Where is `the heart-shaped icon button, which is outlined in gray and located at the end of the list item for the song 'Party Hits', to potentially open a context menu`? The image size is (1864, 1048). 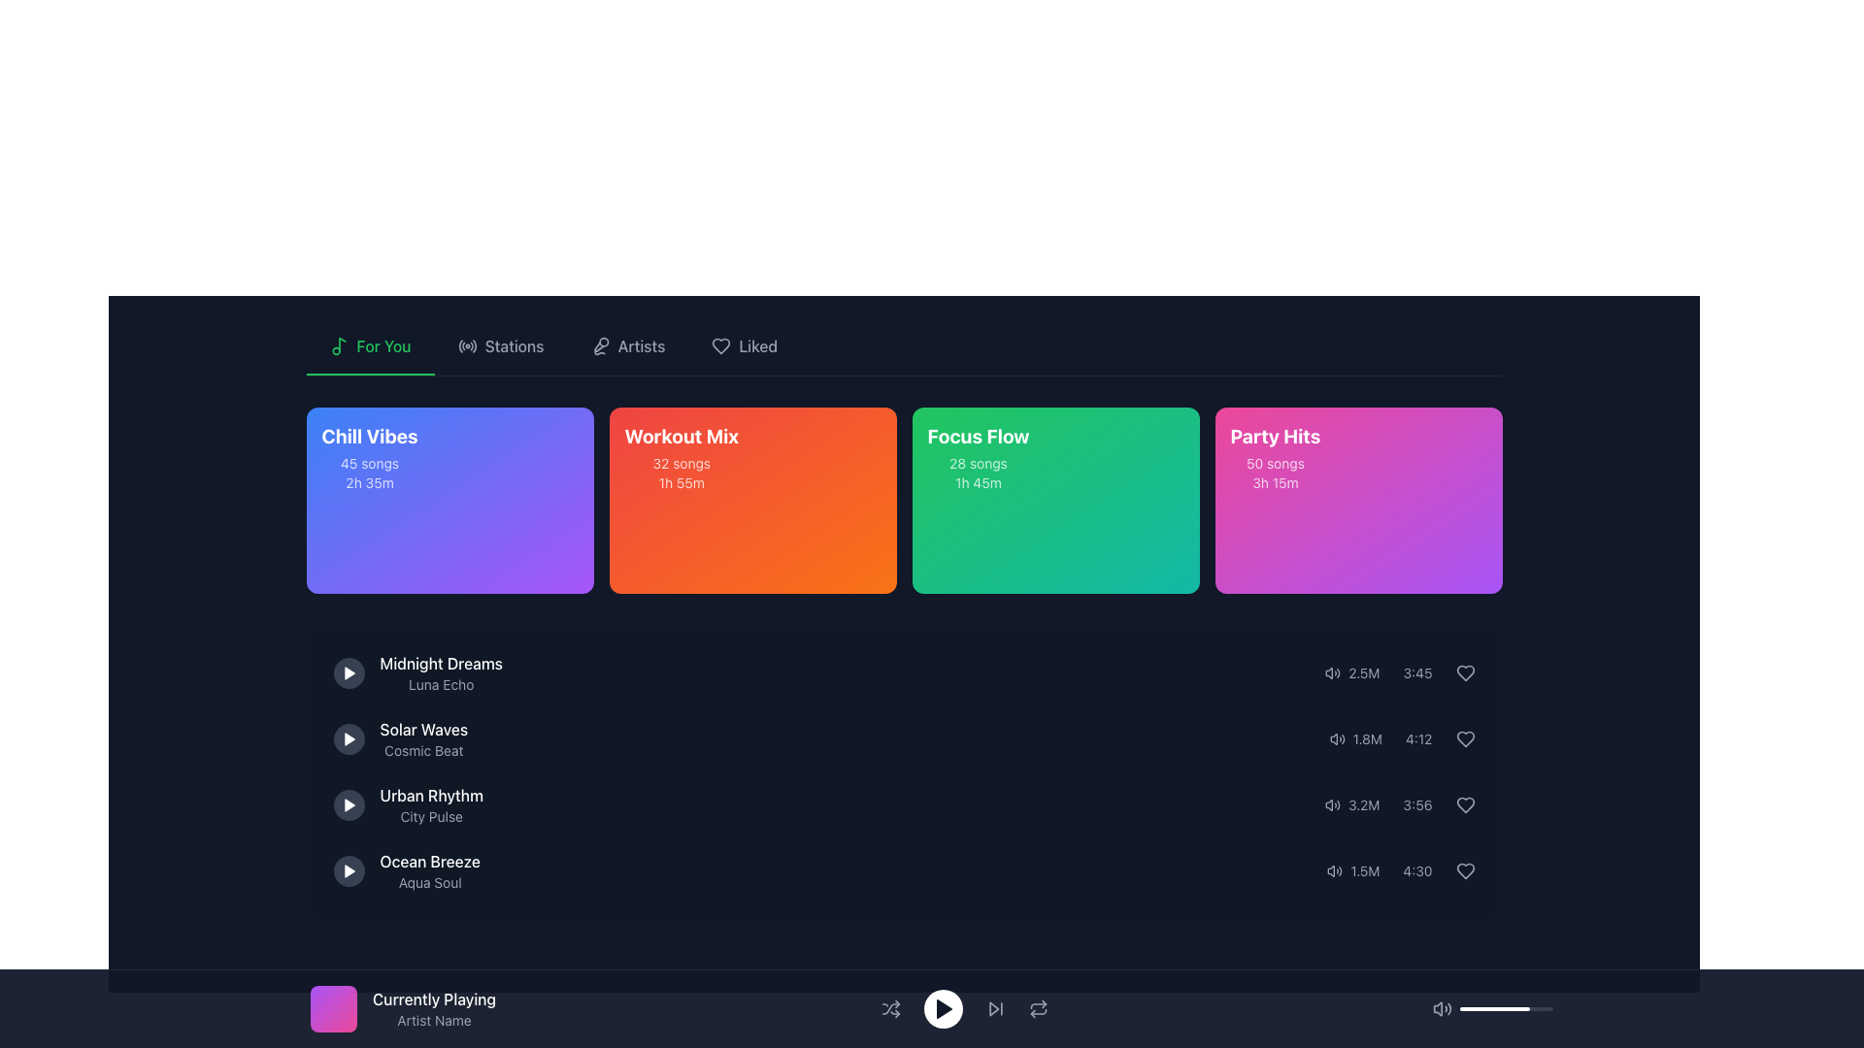
the heart-shaped icon button, which is outlined in gray and located at the end of the list item for the song 'Party Hits', to potentially open a context menu is located at coordinates (1465, 672).